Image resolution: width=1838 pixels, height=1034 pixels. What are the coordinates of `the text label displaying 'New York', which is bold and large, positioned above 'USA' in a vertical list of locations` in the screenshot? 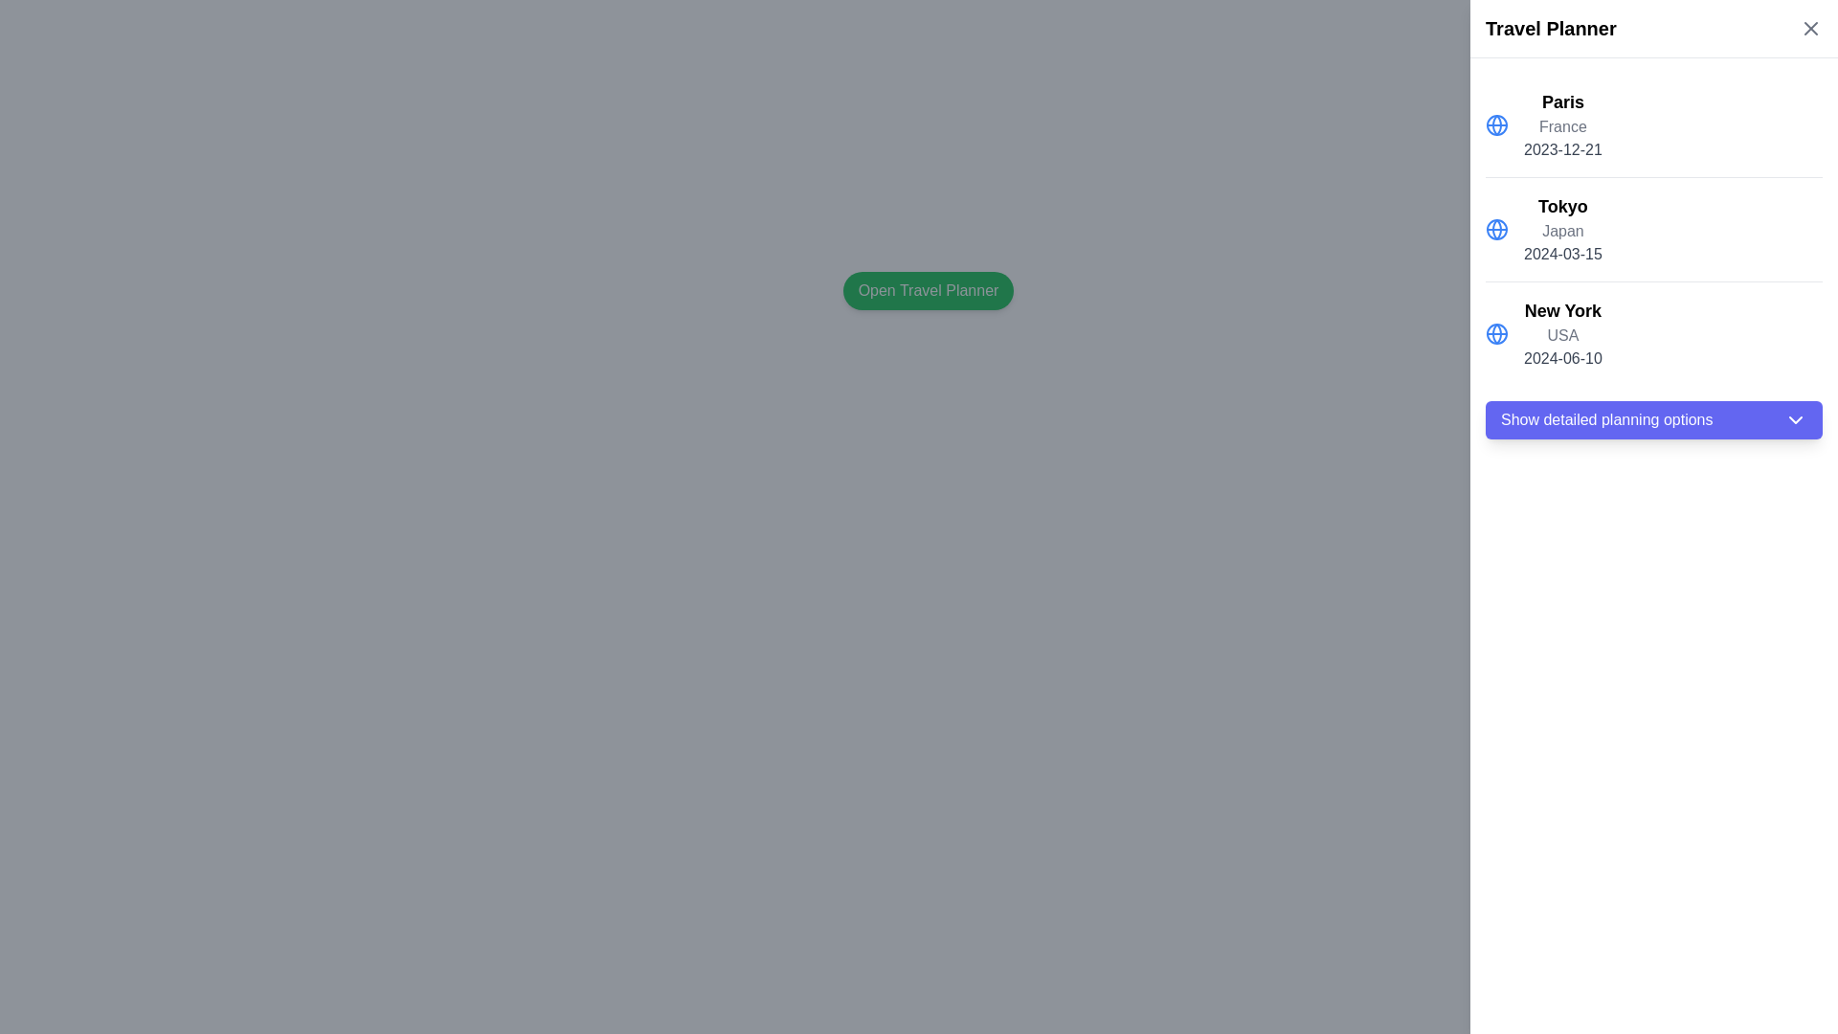 It's located at (1562, 309).